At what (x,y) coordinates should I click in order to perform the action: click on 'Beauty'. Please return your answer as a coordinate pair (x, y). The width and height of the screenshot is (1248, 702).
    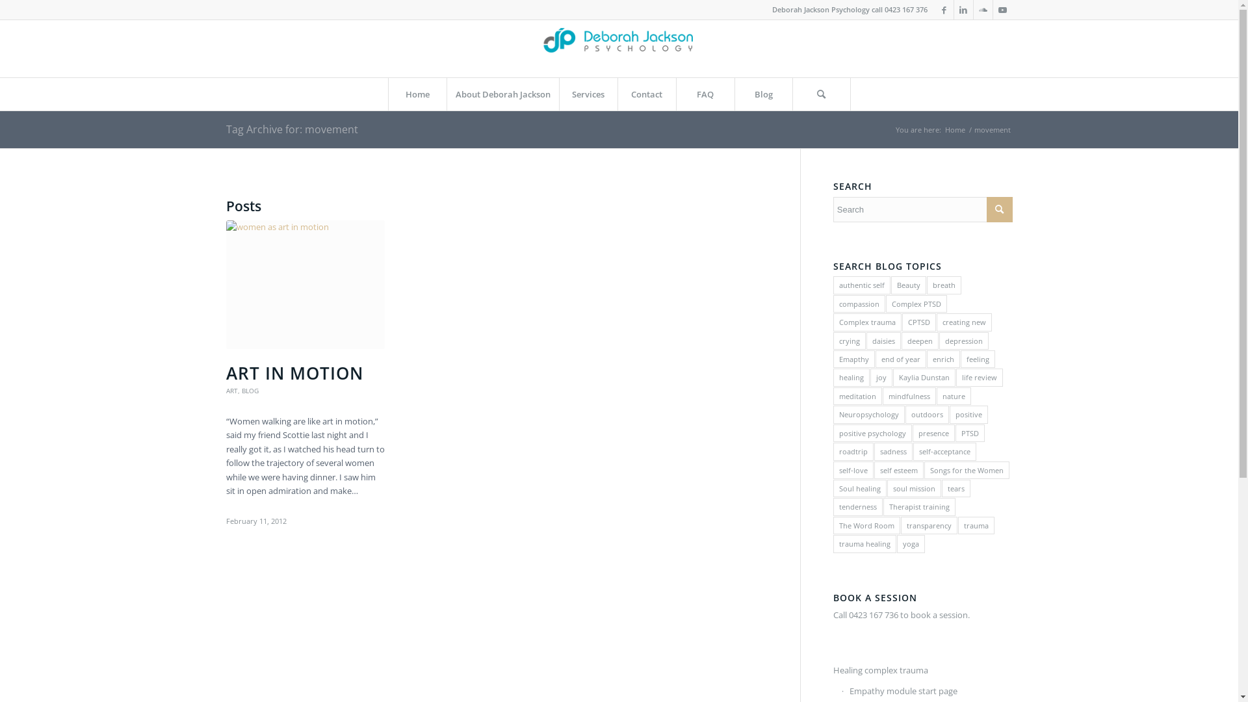
    Looking at the image, I should click on (907, 284).